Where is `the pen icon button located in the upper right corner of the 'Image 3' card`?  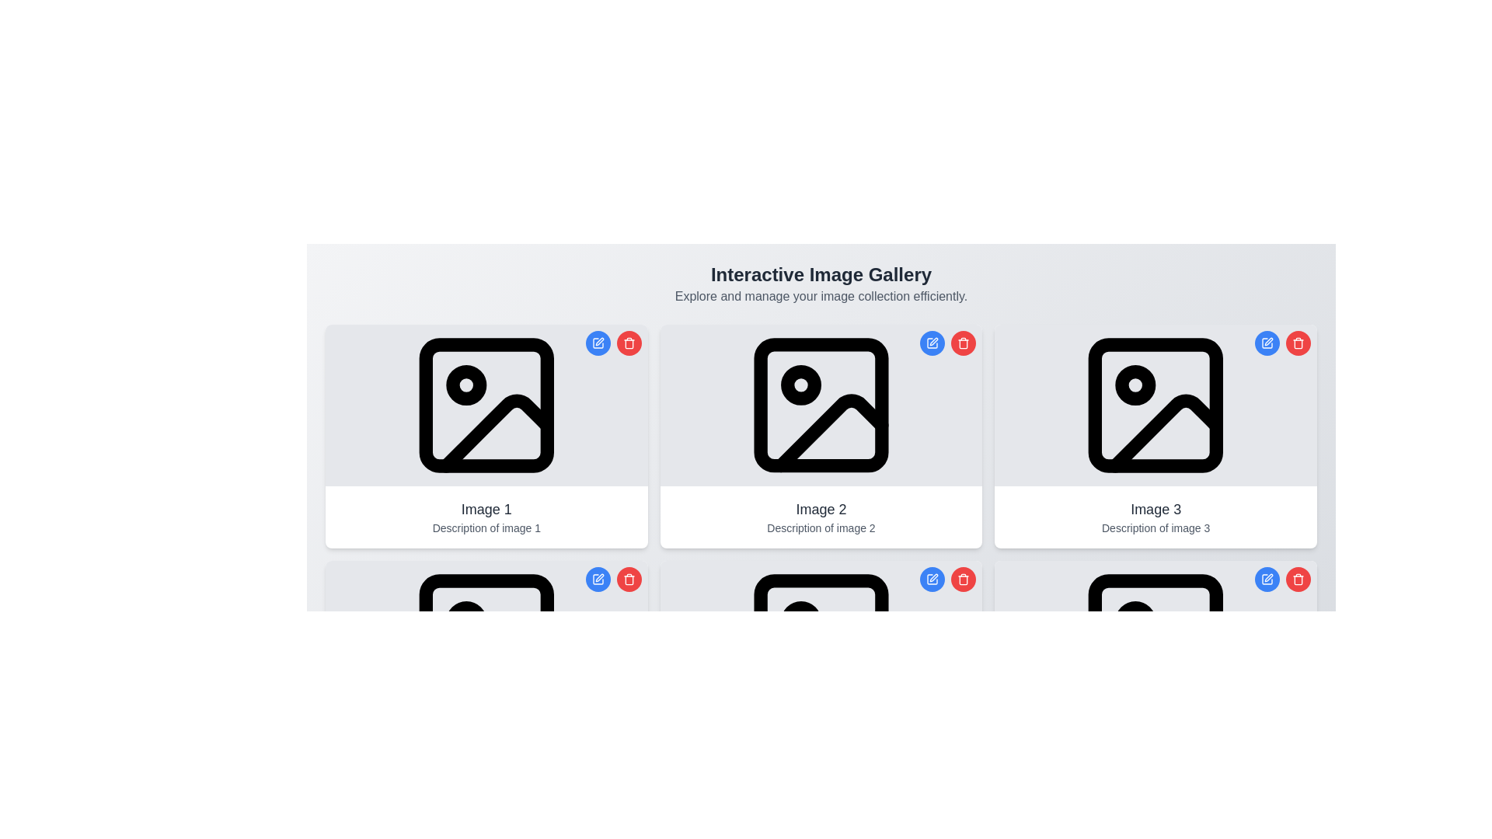 the pen icon button located in the upper right corner of the 'Image 3' card is located at coordinates (1267, 343).